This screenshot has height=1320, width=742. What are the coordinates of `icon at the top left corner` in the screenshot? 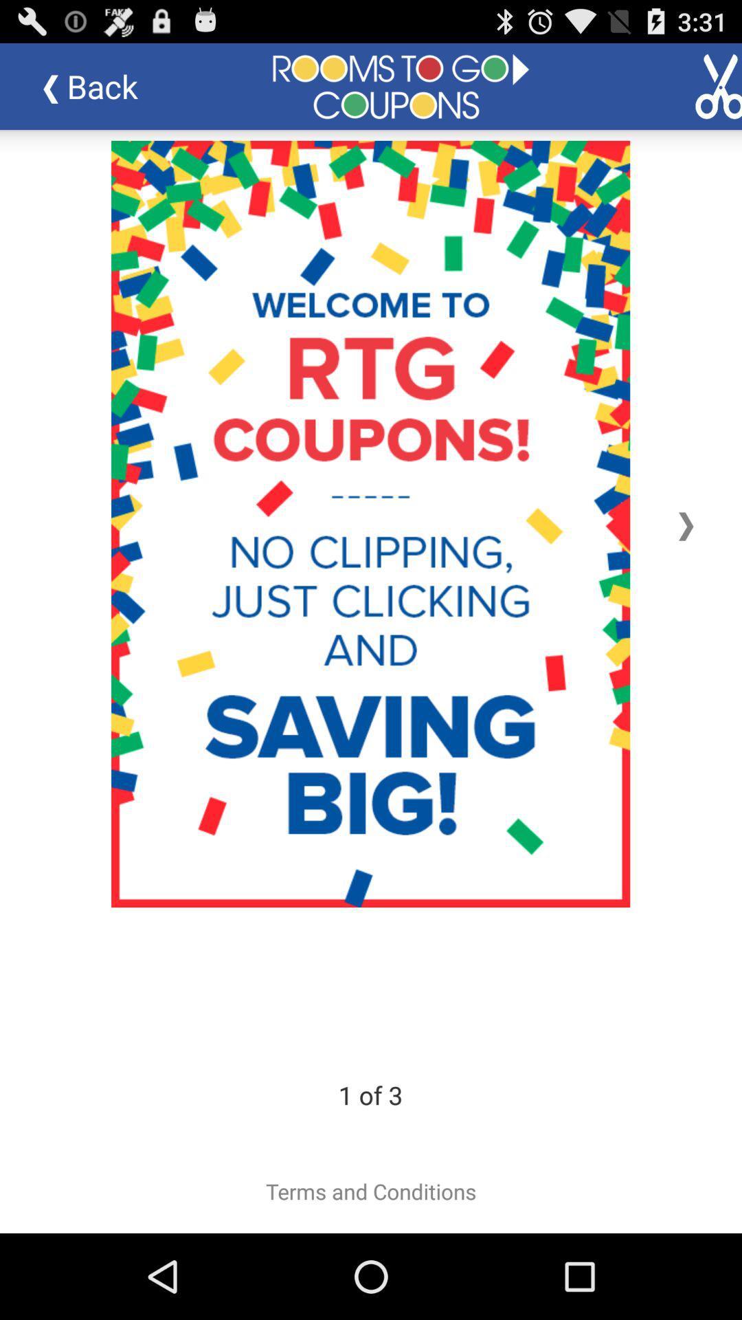 It's located at (100, 85).